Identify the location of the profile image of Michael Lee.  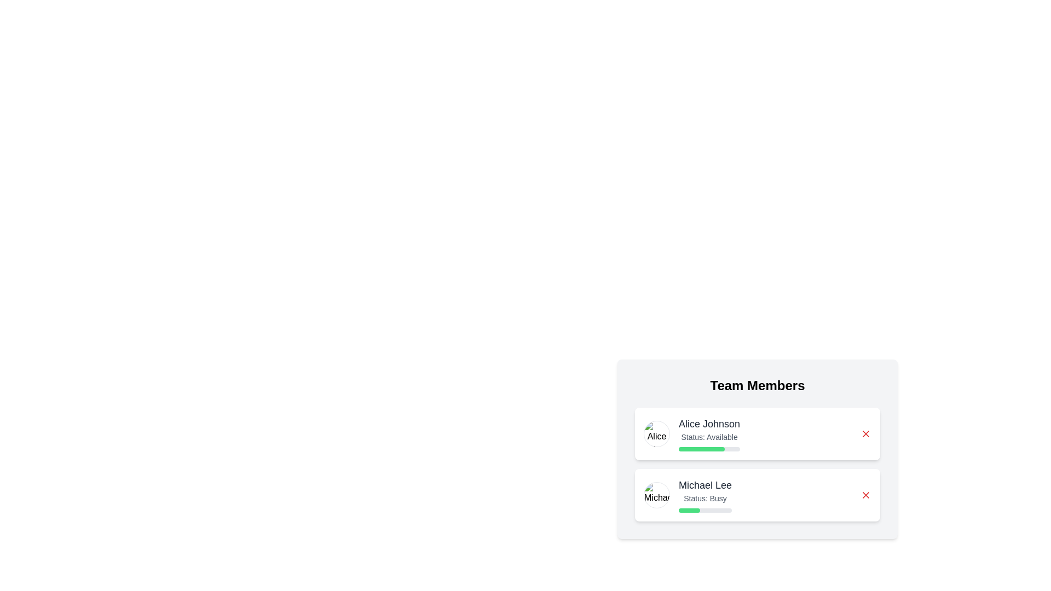
(657, 495).